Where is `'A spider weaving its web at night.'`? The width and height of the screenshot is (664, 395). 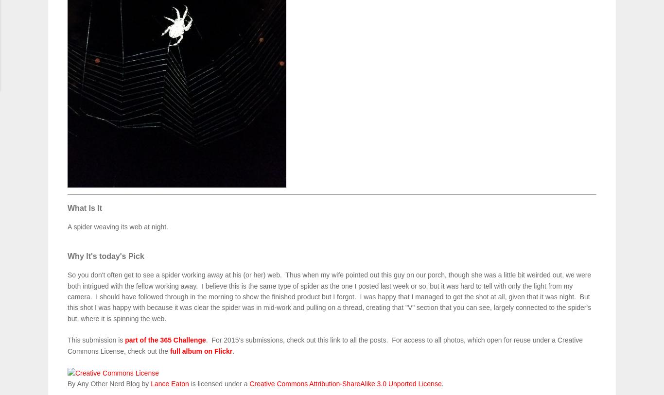
'A spider weaving its web at night.' is located at coordinates (67, 226).